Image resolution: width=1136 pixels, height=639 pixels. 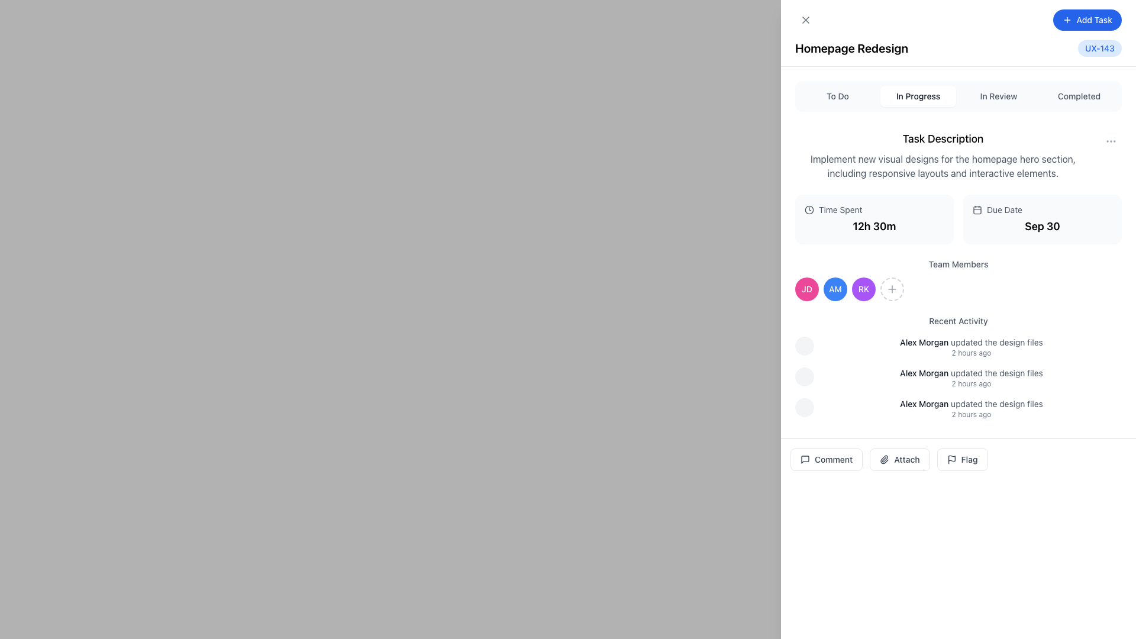 I want to click on the Static Text element that serves as a section title for recent user activities, located at the top of the column on the right side of the interface, so click(x=958, y=321).